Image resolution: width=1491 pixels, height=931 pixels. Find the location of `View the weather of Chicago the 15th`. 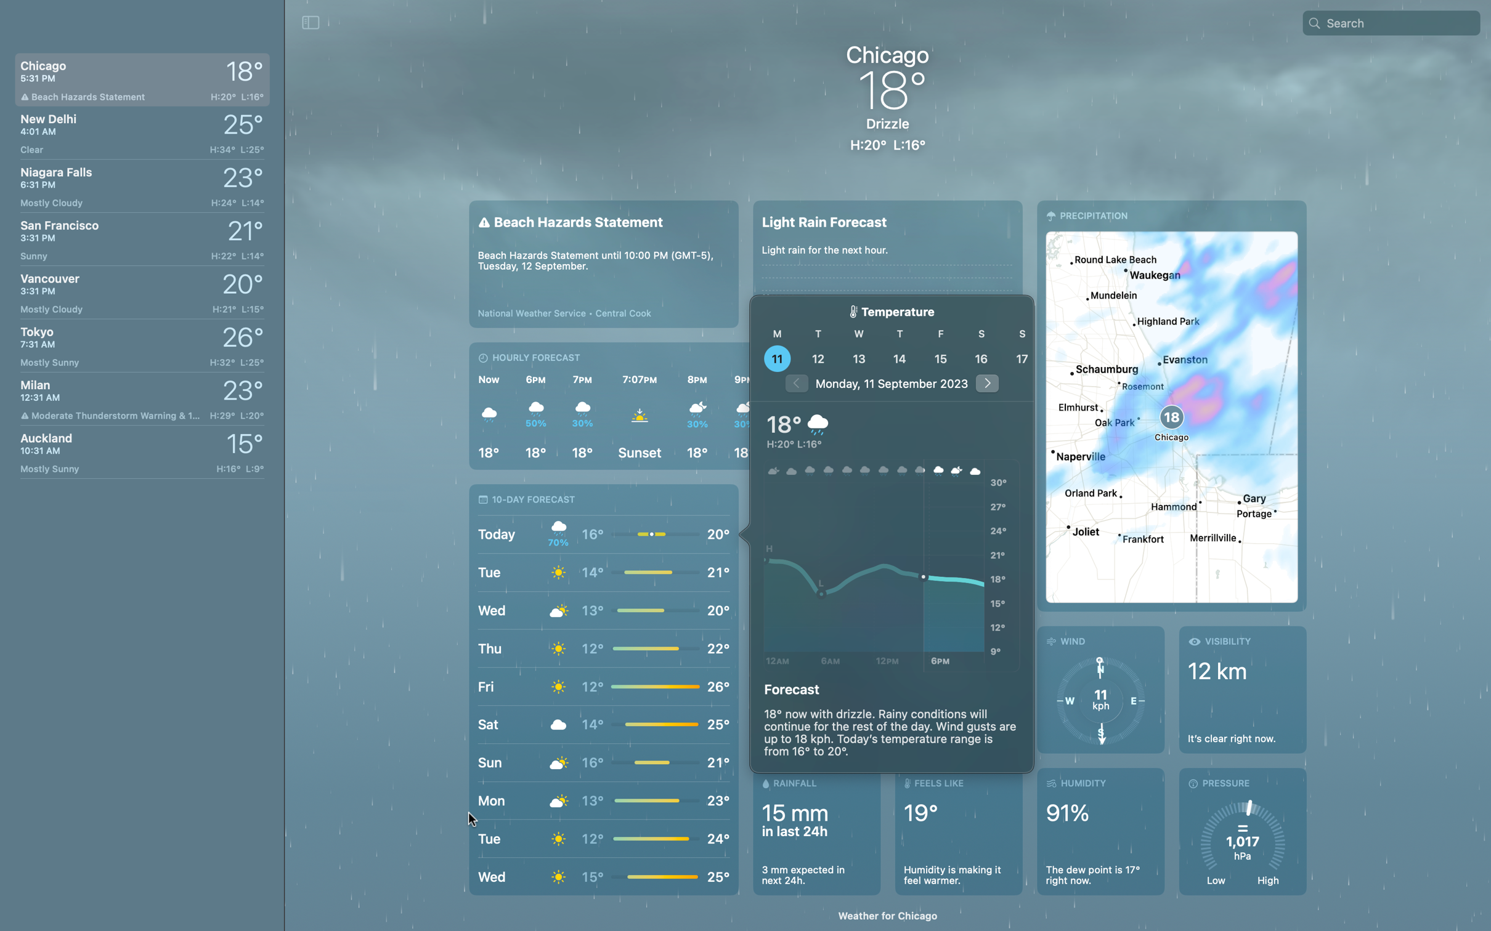

View the weather of Chicago the 15th is located at coordinates (940, 358).